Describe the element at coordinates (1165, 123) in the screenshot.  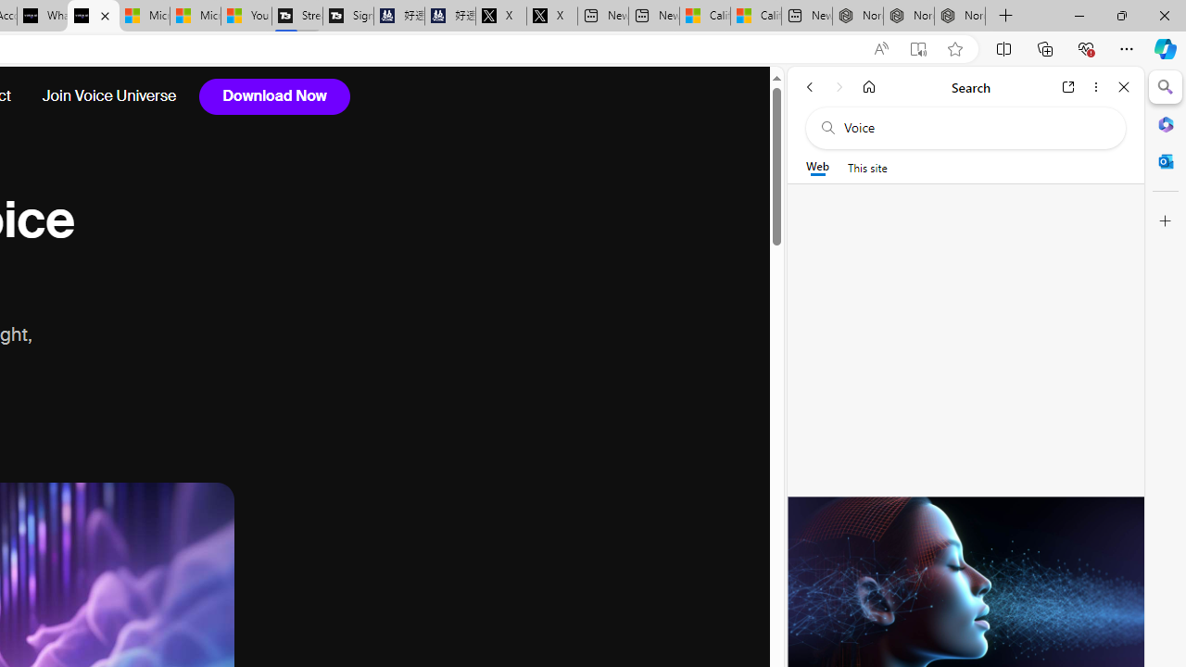
I see `'Microsoft 365'` at that location.